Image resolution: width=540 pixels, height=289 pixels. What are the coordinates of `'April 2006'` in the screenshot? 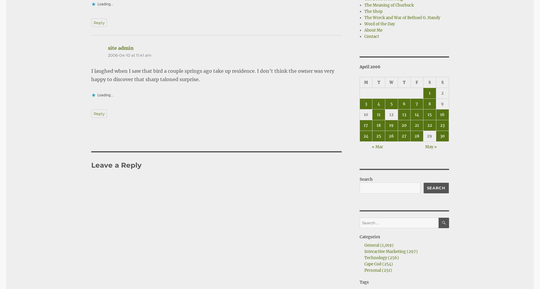 It's located at (369, 67).